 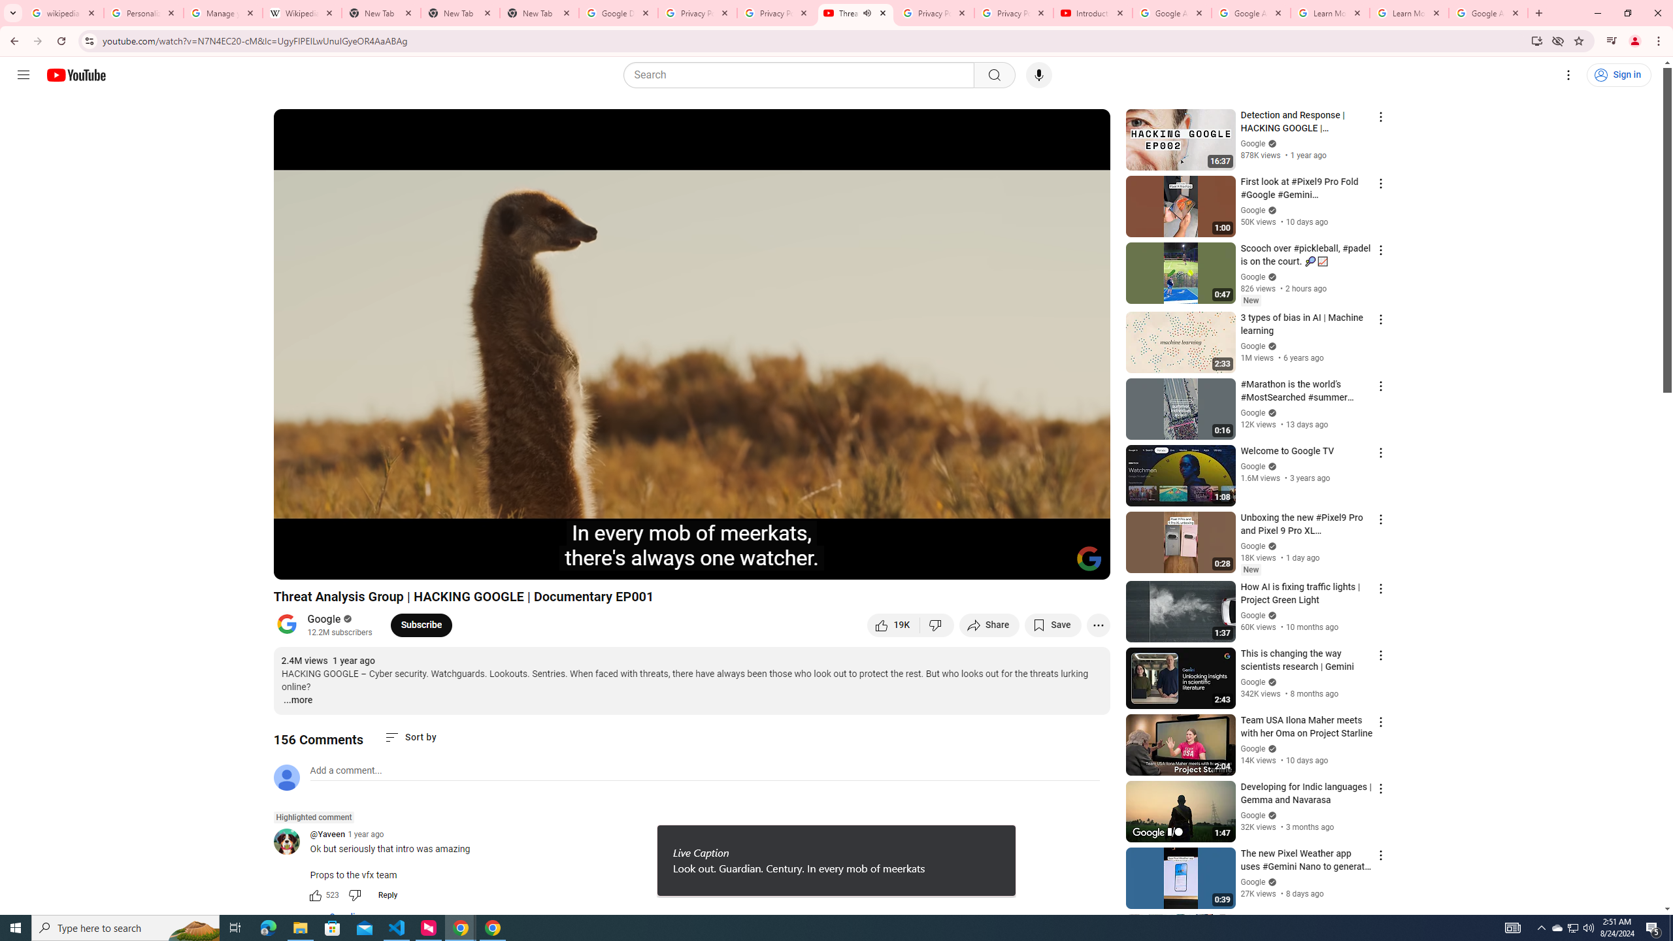 What do you see at coordinates (929, 563) in the screenshot?
I see `'Autoplay is on'` at bounding box center [929, 563].